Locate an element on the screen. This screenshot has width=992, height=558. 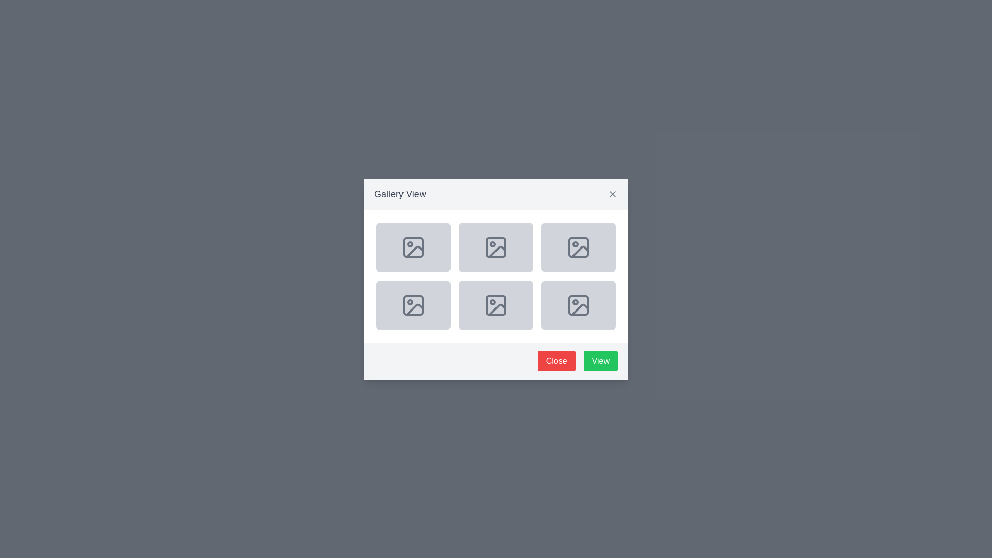
the decorative subcomponent within the fourth icon located at the bottom-left cell of the grid layout in the modal is located at coordinates (496, 304).